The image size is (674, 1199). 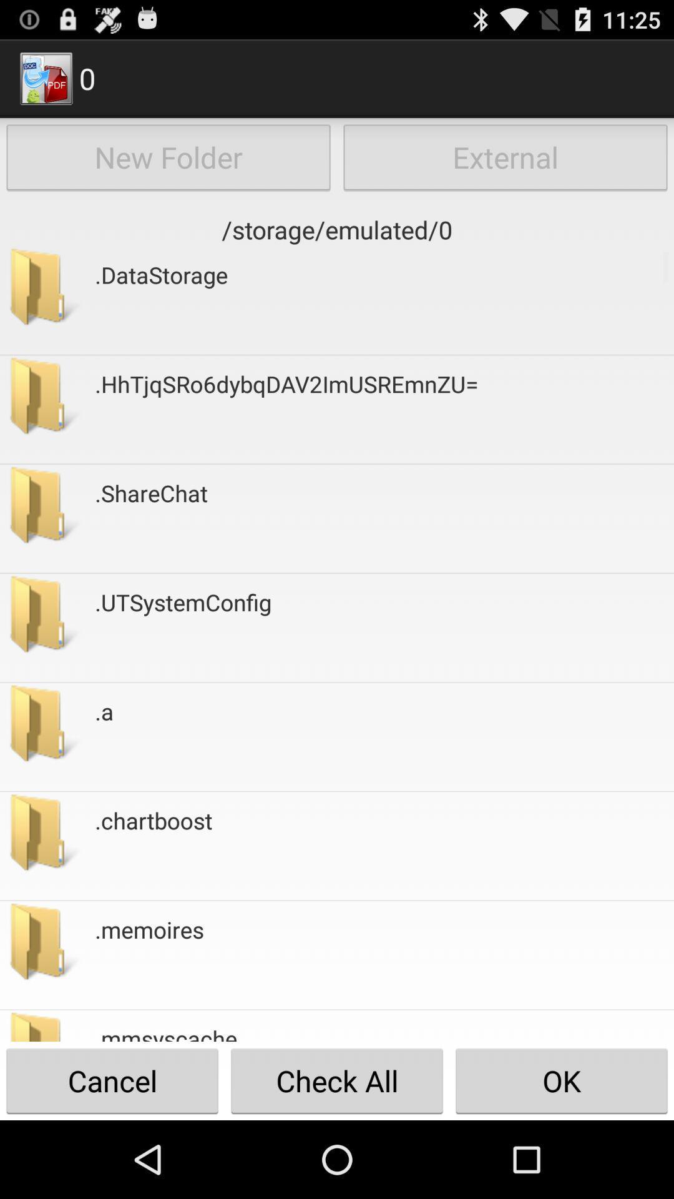 What do you see at coordinates (183, 628) in the screenshot?
I see `the .utsystemconfig icon` at bounding box center [183, 628].